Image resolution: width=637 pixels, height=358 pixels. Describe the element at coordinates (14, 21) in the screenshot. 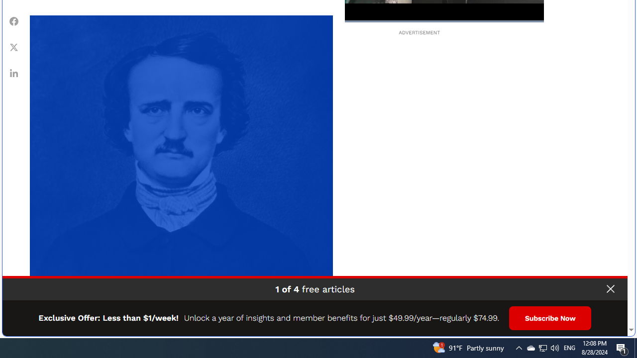

I see `'Share Facebook'` at that location.